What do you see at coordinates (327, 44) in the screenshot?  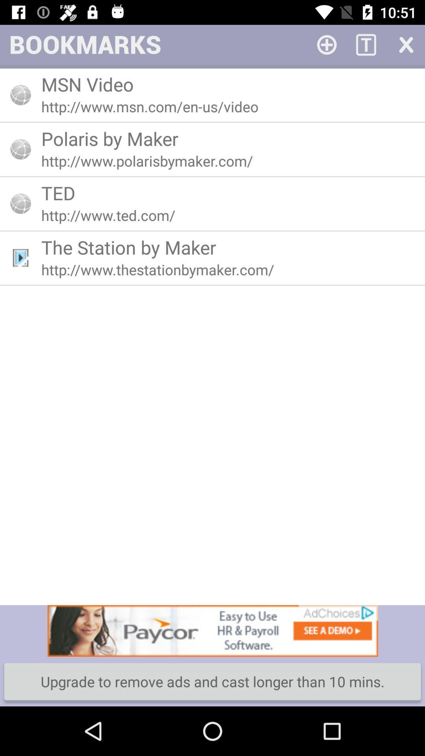 I see `book mark` at bounding box center [327, 44].